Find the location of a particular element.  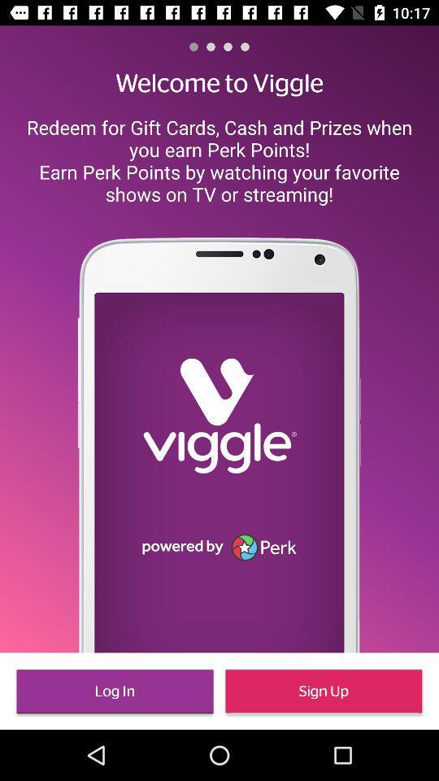

icon to the right of the log in icon is located at coordinates (324, 690).